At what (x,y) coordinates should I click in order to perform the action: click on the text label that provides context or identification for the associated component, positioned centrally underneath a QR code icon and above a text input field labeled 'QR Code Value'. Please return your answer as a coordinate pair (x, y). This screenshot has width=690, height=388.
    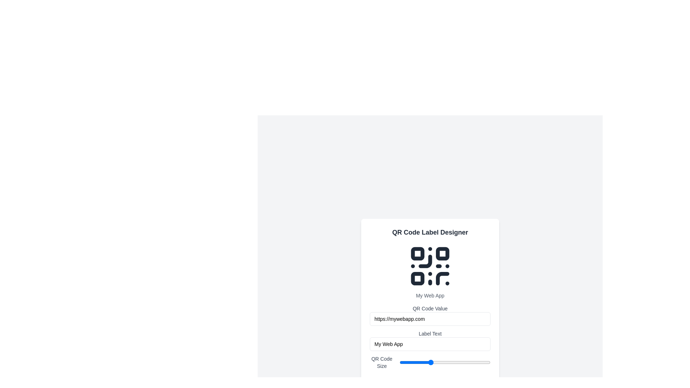
    Looking at the image, I should click on (430, 295).